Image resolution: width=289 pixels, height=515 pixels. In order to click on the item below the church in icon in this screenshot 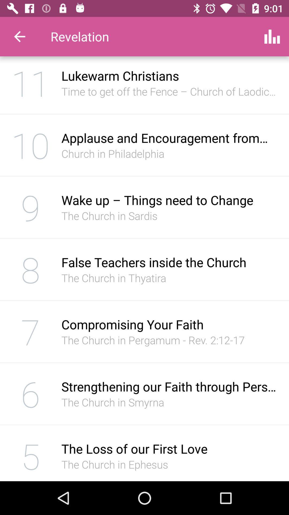, I will do `click(169, 324)`.